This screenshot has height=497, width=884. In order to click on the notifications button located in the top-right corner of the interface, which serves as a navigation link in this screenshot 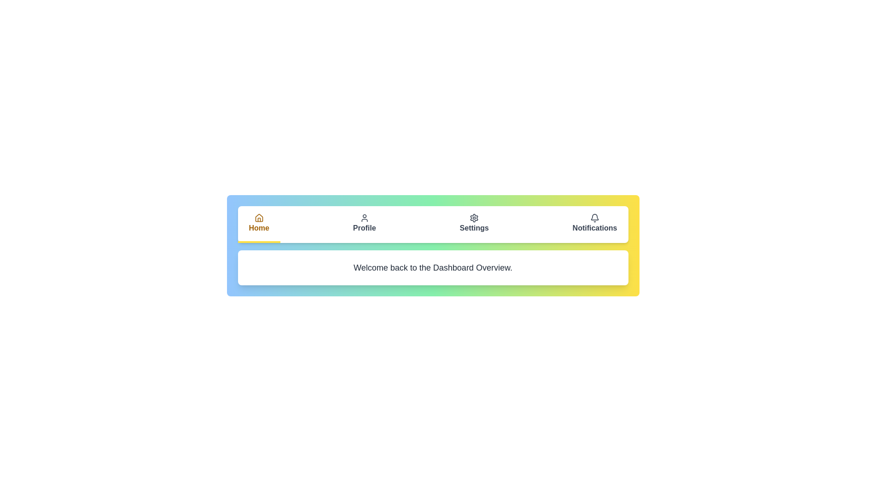, I will do `click(594, 225)`.